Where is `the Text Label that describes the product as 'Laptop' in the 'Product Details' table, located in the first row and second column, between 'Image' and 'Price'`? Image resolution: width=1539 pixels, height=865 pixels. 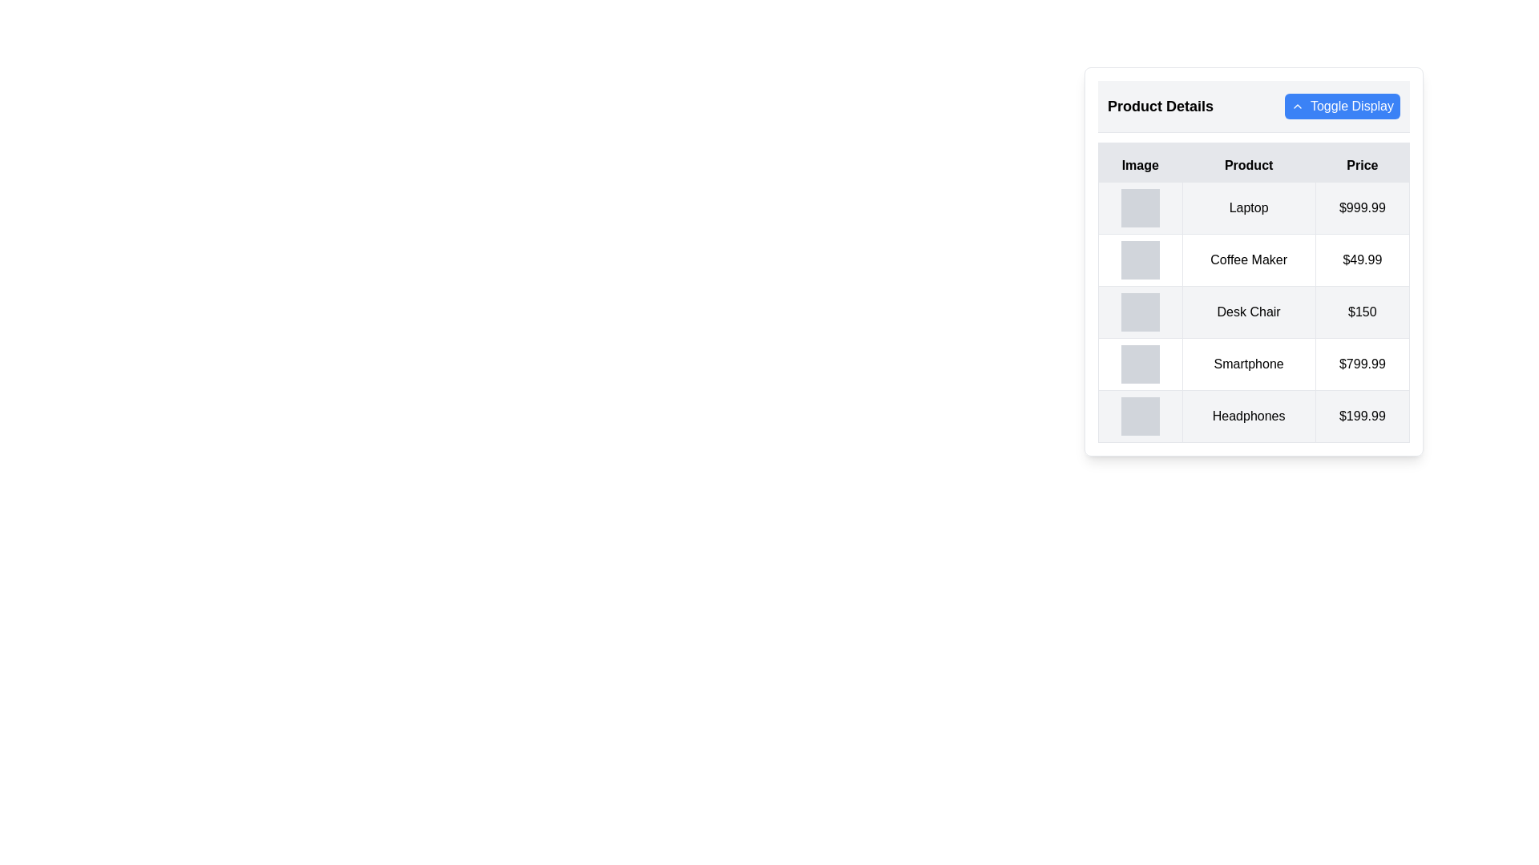
the Text Label that describes the product as 'Laptop' in the 'Product Details' table, located in the first row and second column, between 'Image' and 'Price' is located at coordinates (1248, 207).